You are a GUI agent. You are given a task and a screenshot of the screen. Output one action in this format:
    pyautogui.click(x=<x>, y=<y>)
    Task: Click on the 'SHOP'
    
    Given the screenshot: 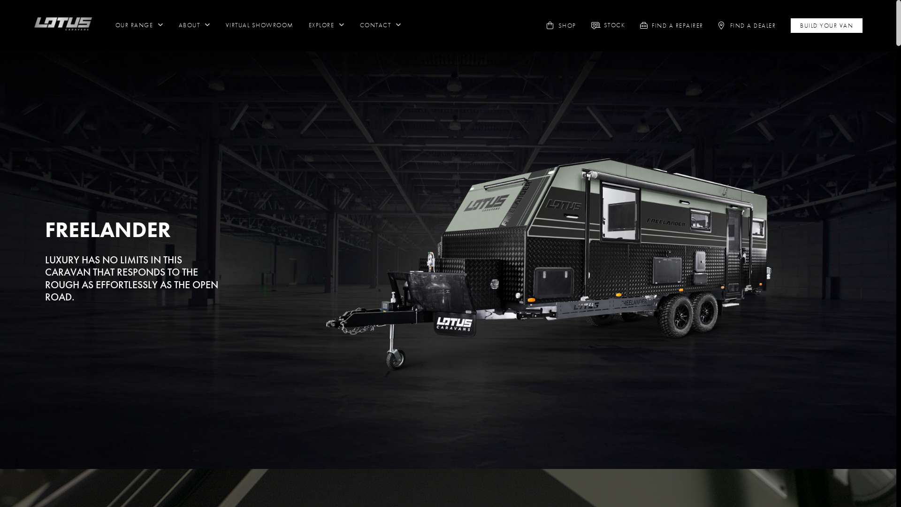 What is the action you would take?
    pyautogui.click(x=567, y=25)
    